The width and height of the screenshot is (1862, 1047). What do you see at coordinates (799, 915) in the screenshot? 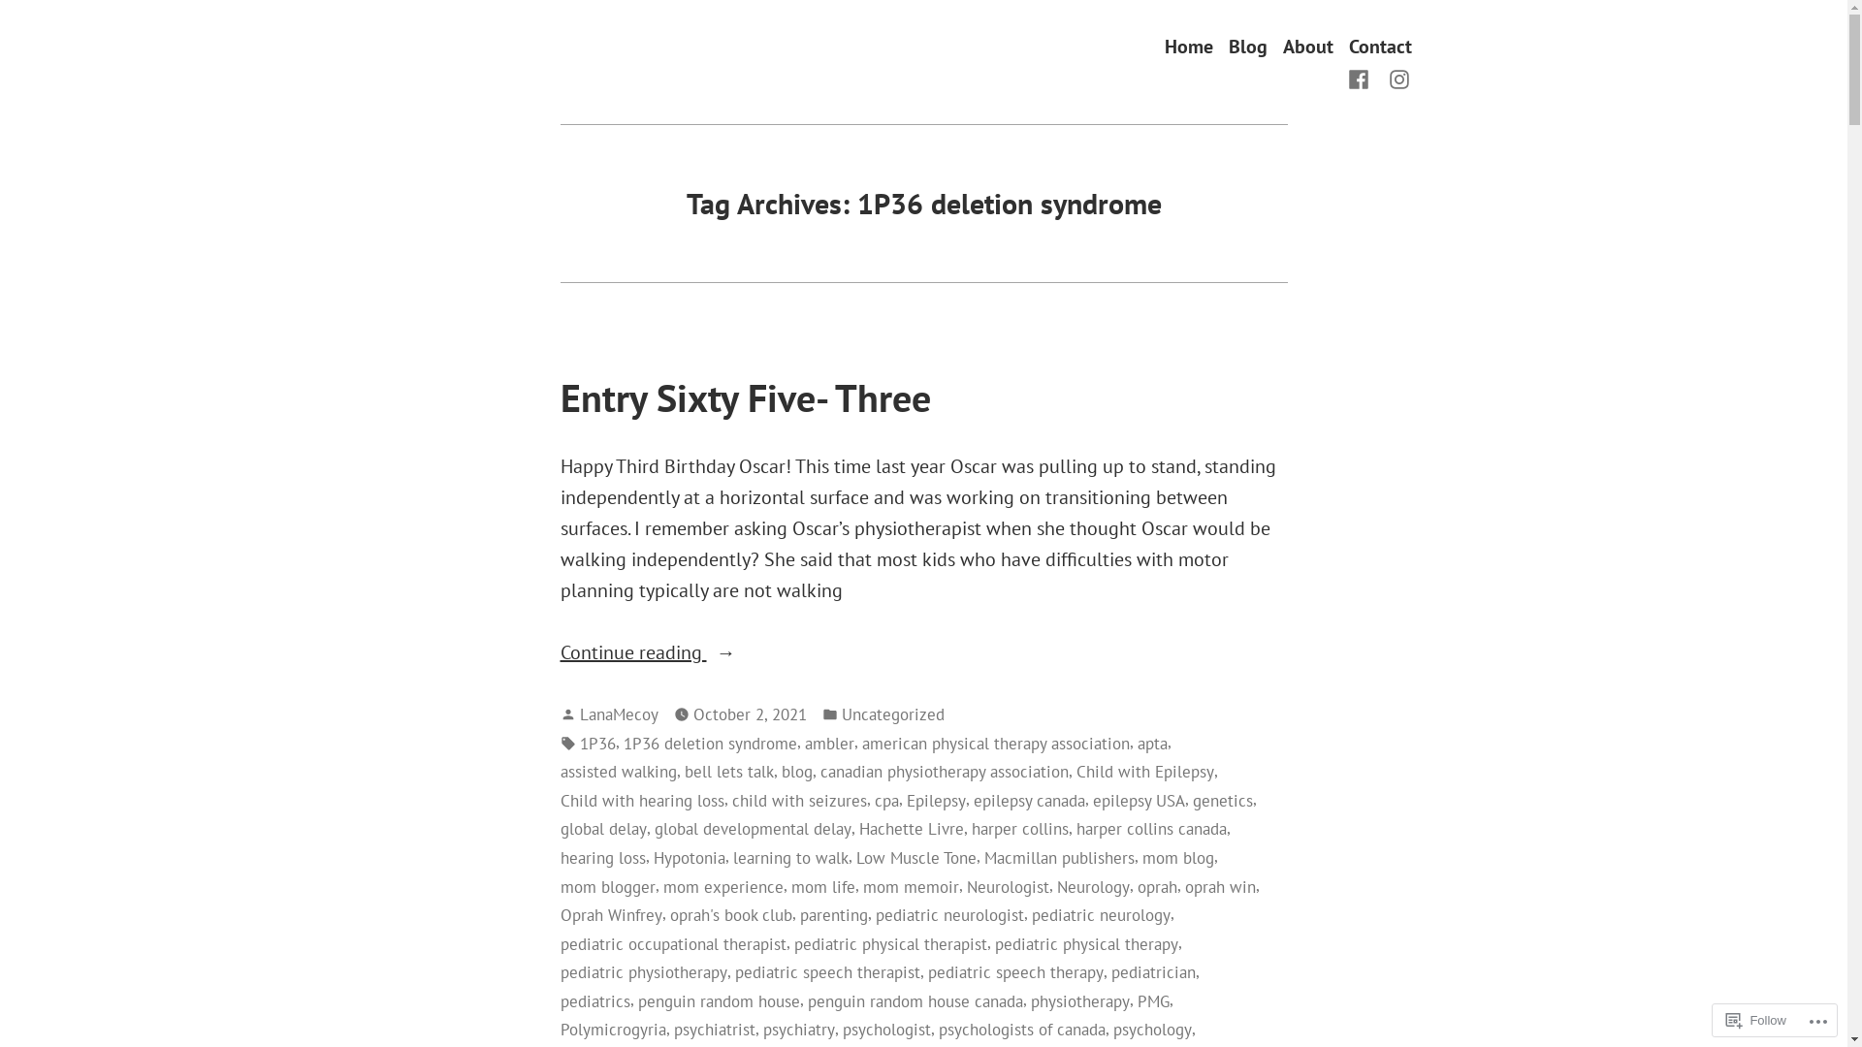
I see `'parenting'` at bounding box center [799, 915].